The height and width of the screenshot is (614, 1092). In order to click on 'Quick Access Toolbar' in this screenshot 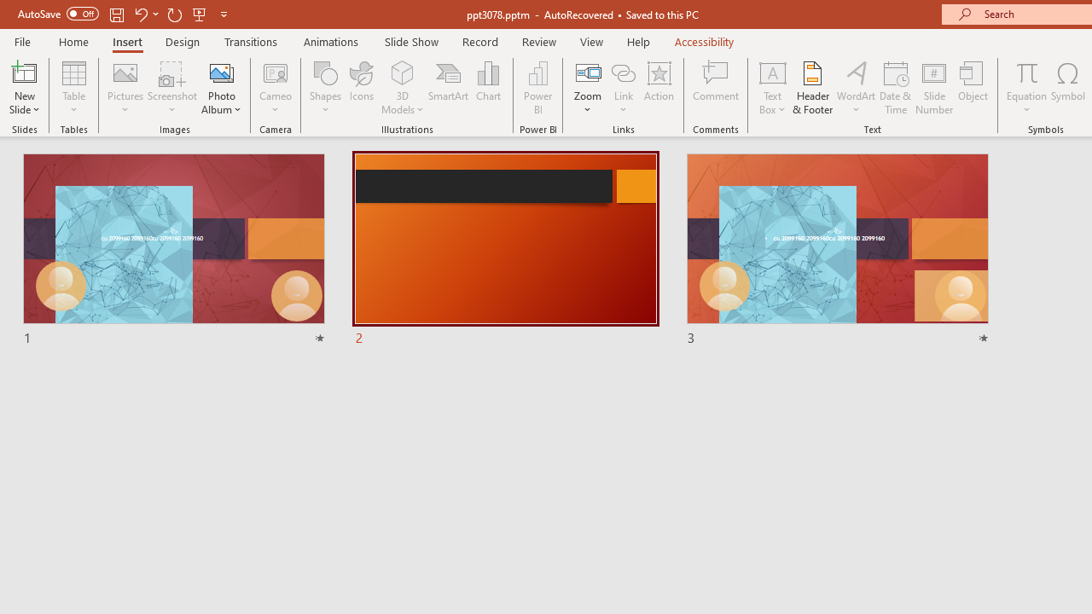, I will do `click(123, 14)`.